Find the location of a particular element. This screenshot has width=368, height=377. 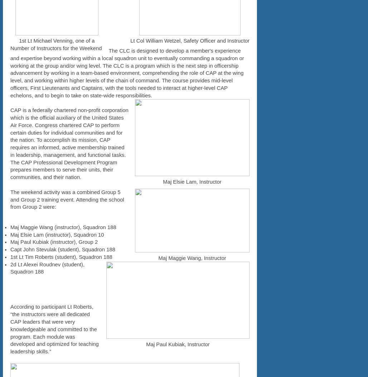

'The CLC is designed to develop a member's experience and expertise beyond working within a local squadron unit to eventually commanding a squadron or working at the group and/or wing level. The CLC is a program which is the next step in officership advancement by working in a team-based environment, comprehending the role of CAP at the wing level, and working within higher levels of the chain of command. The course provides mid-level officers, First Lieutenants and Captains, with the tools needed to interact at higher-level CAP echelons, and to begin to take on state-wide responsibilities.' is located at coordinates (126, 73).